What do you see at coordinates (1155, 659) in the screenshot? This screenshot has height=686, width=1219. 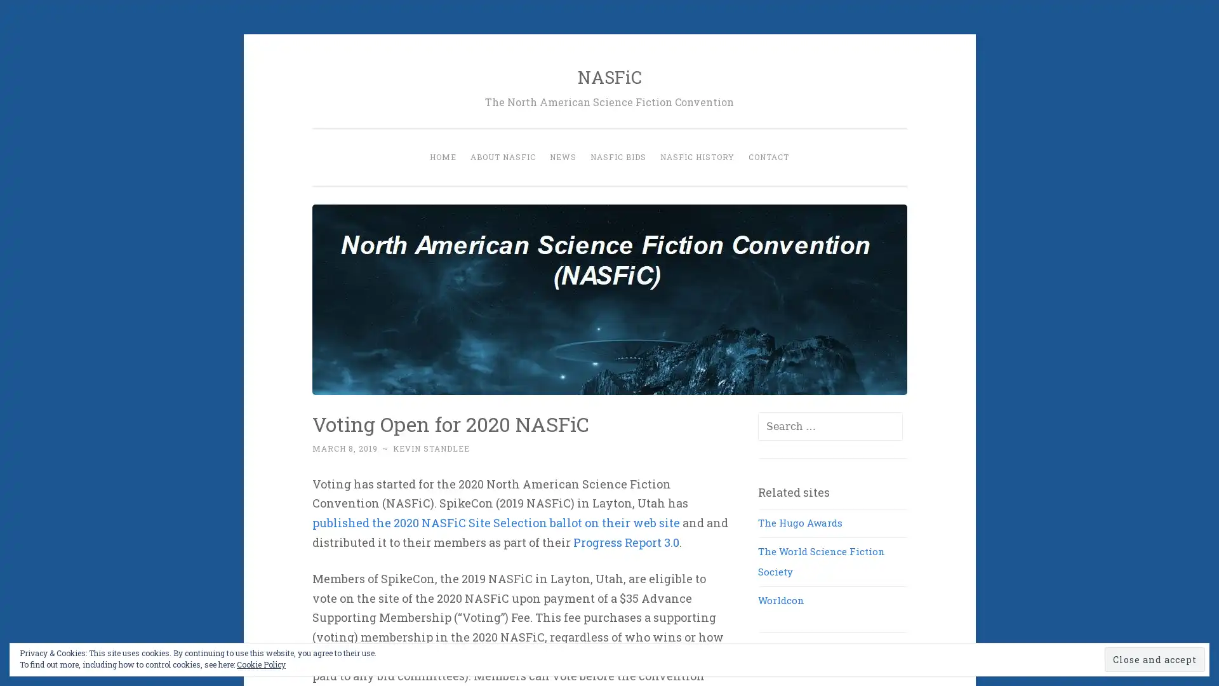 I see `Close and accept` at bounding box center [1155, 659].